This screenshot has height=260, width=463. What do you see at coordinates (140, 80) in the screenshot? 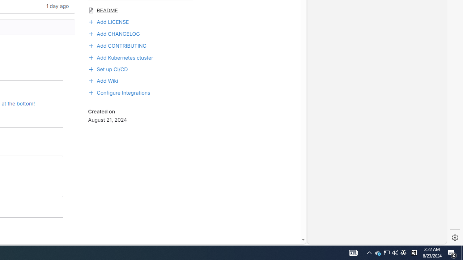
I see `'Add Wiki'` at bounding box center [140, 80].